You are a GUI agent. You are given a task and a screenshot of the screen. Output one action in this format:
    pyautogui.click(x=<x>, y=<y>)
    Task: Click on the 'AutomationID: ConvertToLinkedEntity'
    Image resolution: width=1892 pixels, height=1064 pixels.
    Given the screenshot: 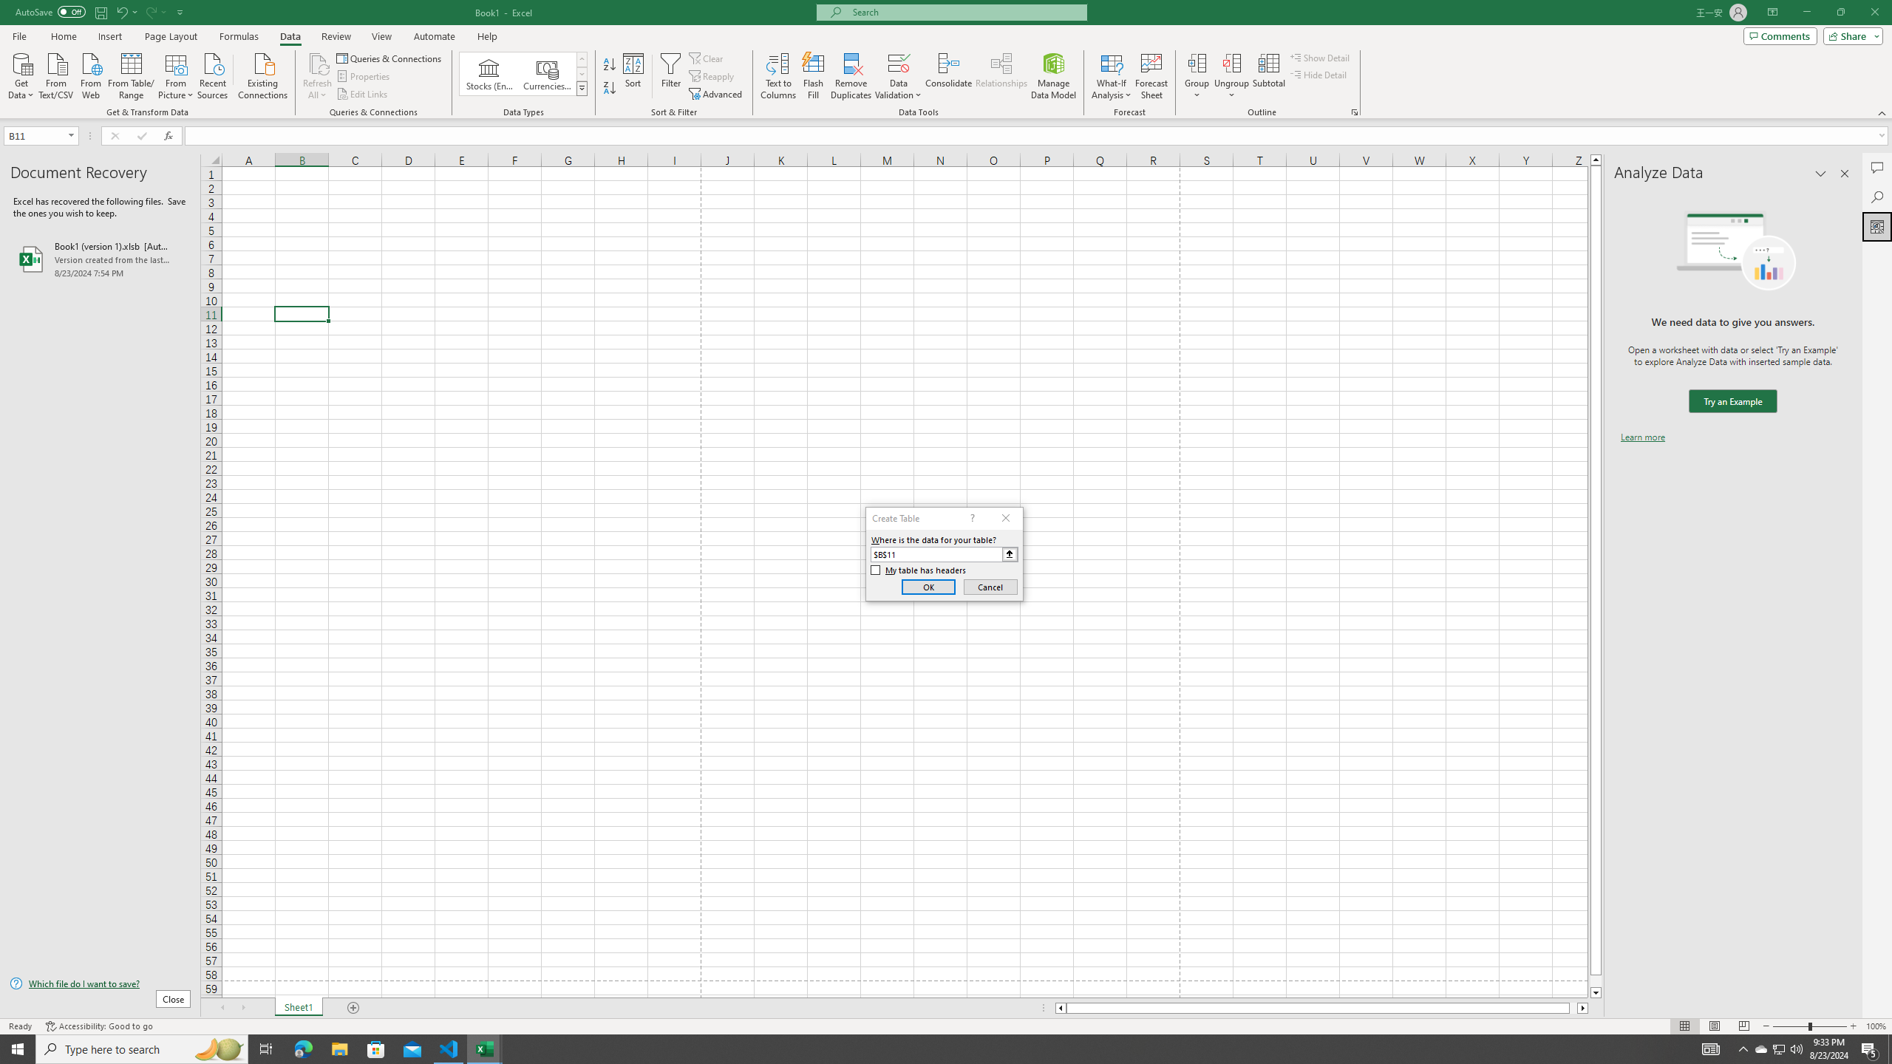 What is the action you would take?
    pyautogui.click(x=524, y=73)
    